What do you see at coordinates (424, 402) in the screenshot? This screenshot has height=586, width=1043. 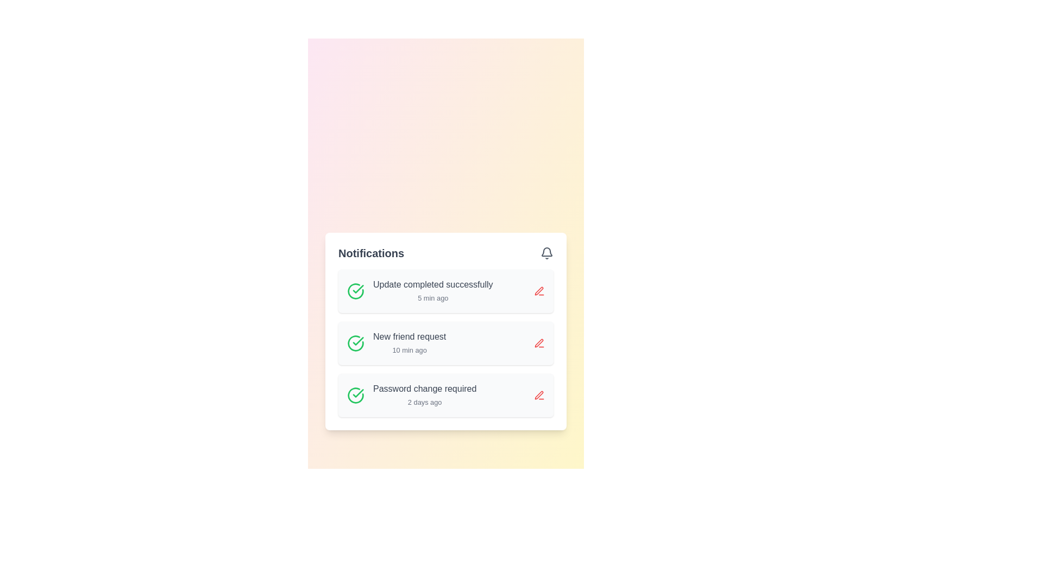 I see `the text label that reads '2 days ago', which is styled with a gray font and located below the main label in the 'Password change required' notification entry` at bounding box center [424, 402].